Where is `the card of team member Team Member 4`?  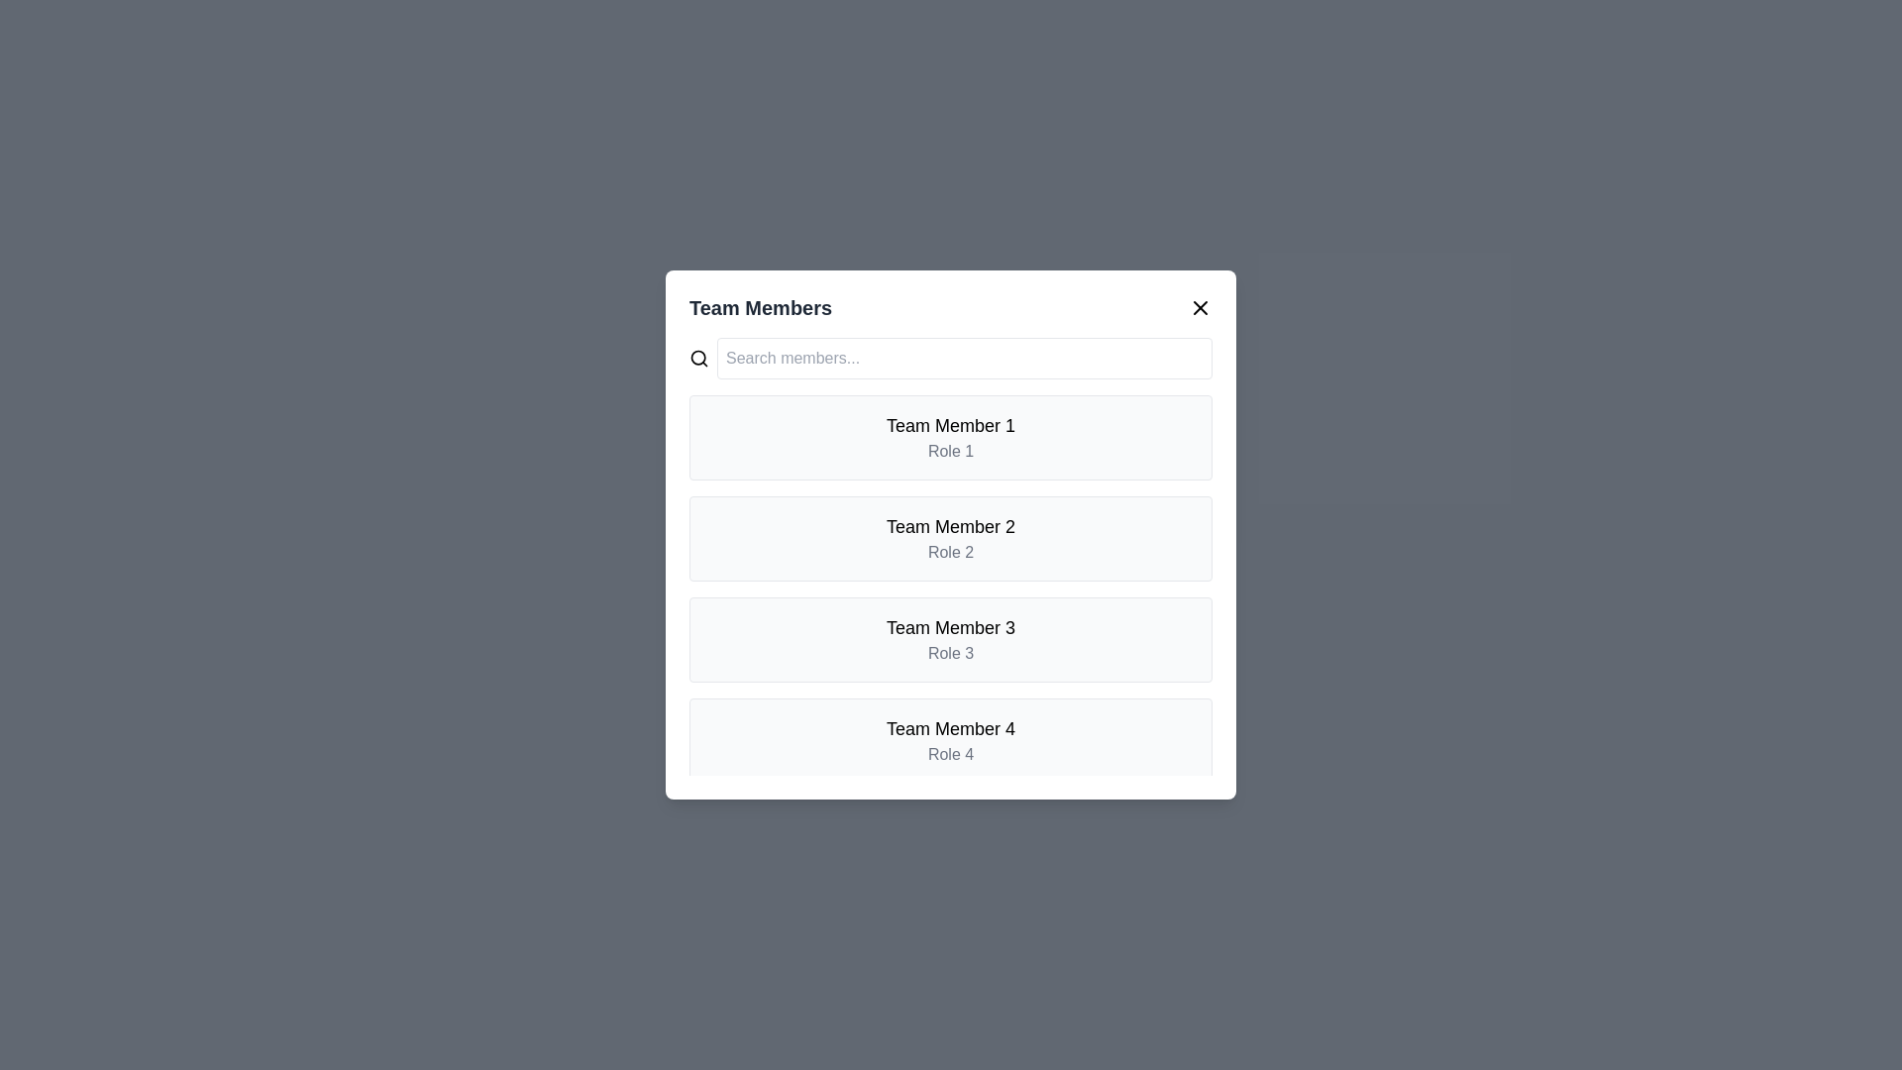
the card of team member Team Member 4 is located at coordinates (951, 741).